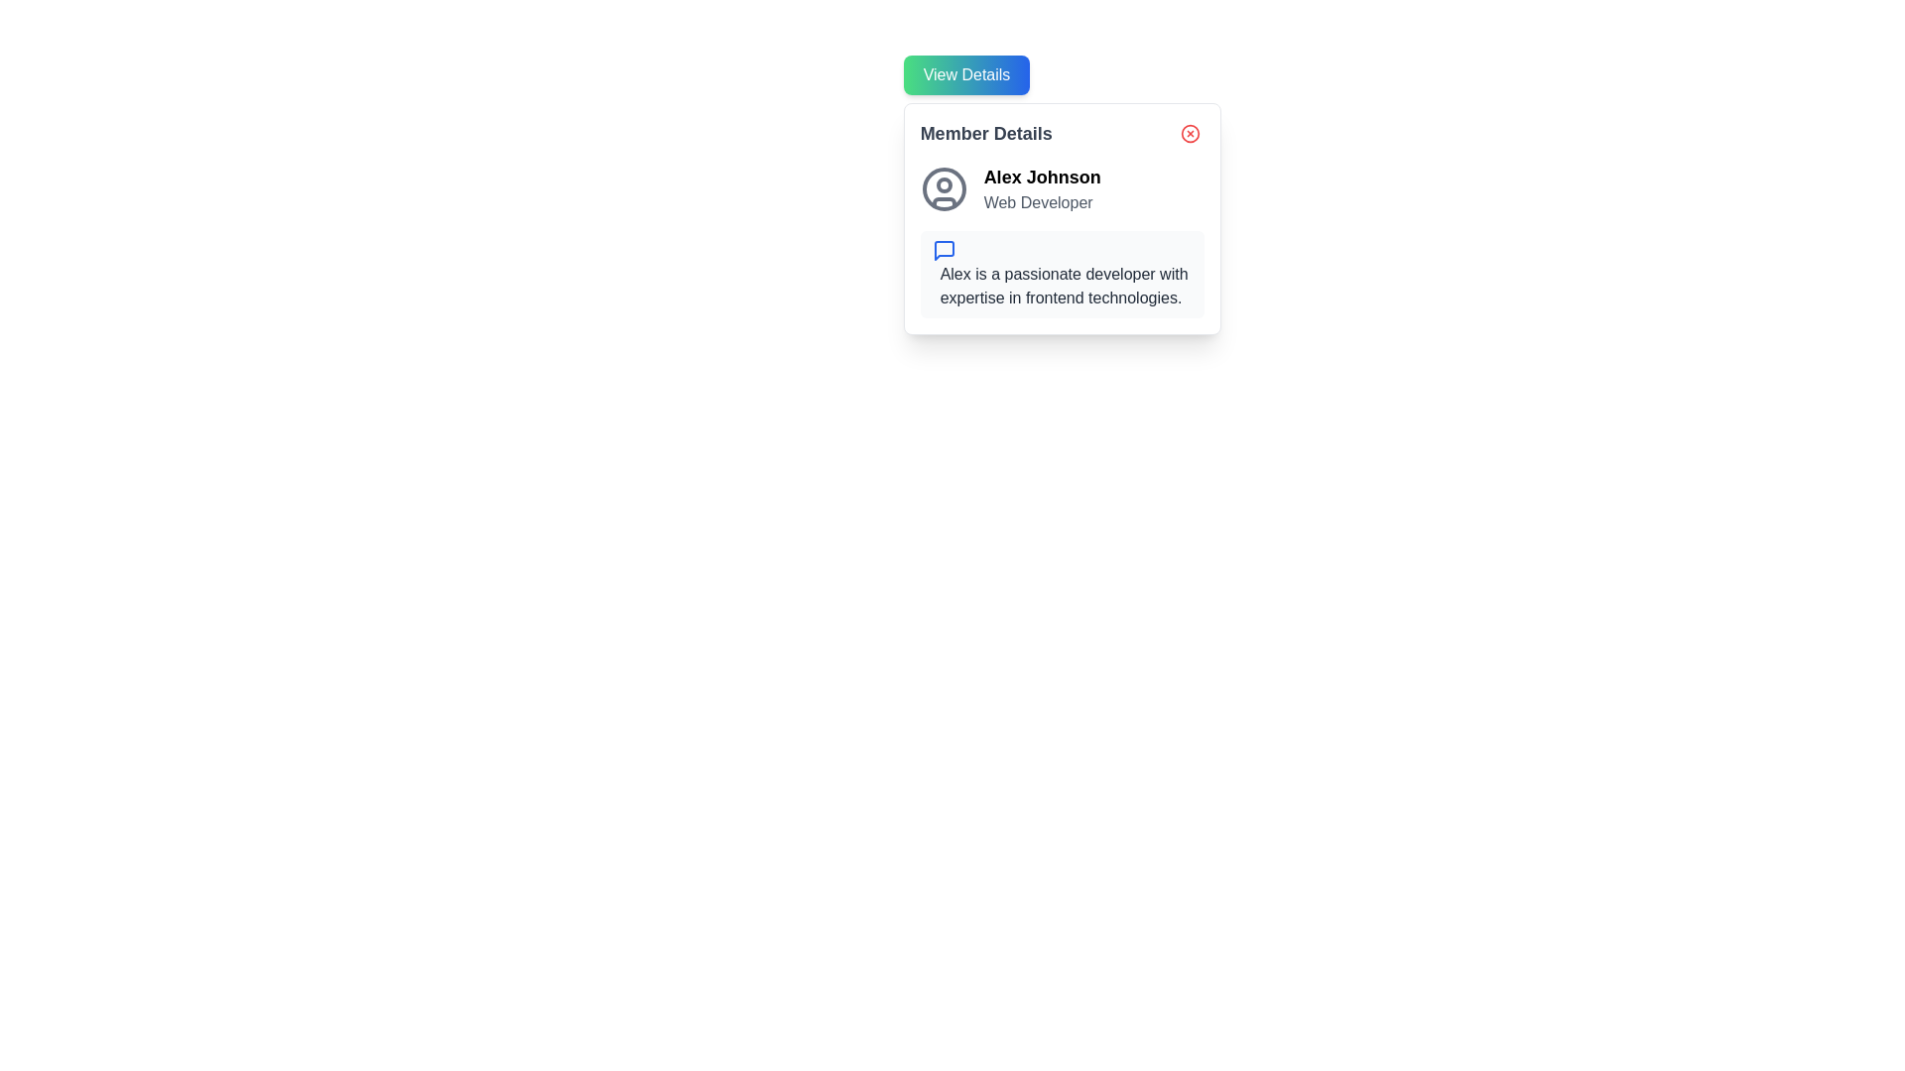 This screenshot has height=1071, width=1905. What do you see at coordinates (1061, 218) in the screenshot?
I see `the blue comment/message icon located within the 'Member Details' card that contains the profile of 'Alex Johnson'` at bounding box center [1061, 218].